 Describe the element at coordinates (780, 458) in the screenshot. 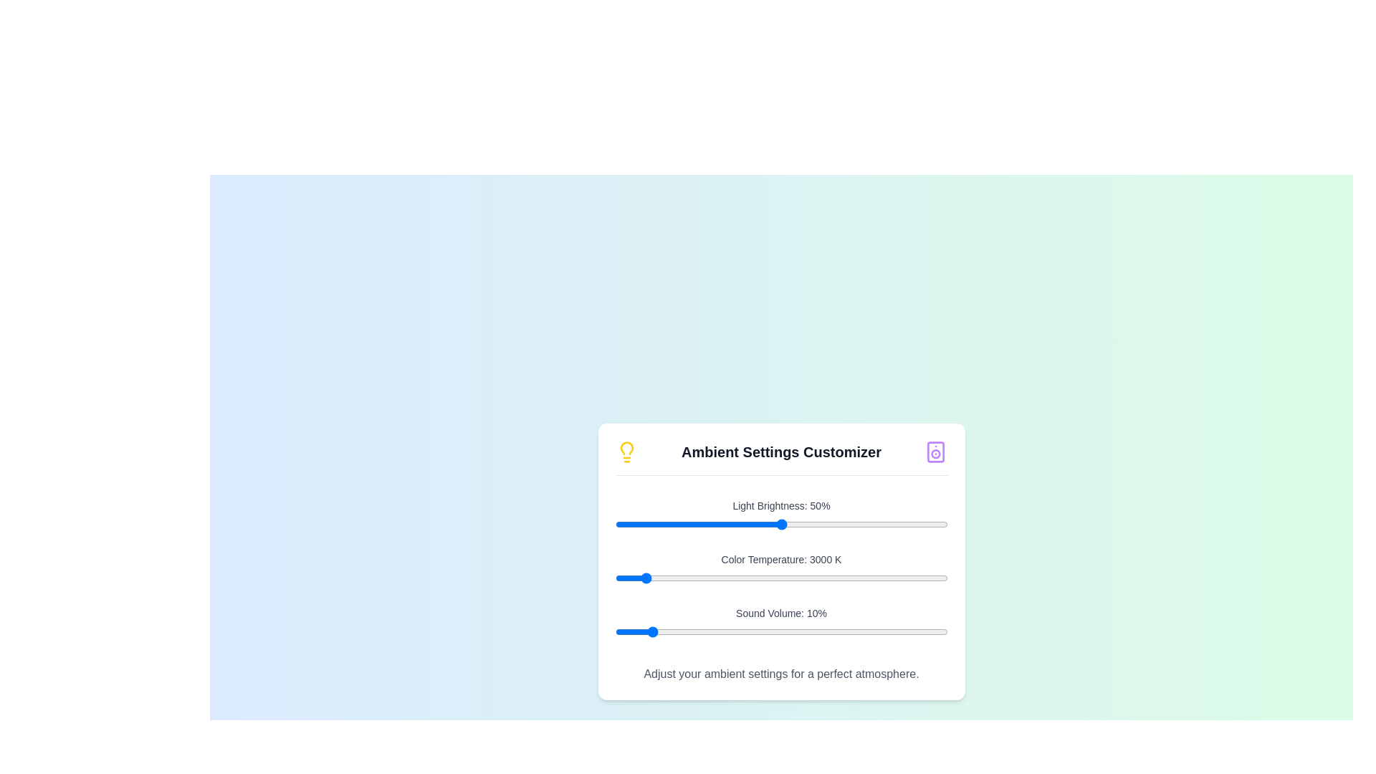

I see `the Header Section of the settings panel, which indicates its purpose as a customizer for ambient settings` at that location.